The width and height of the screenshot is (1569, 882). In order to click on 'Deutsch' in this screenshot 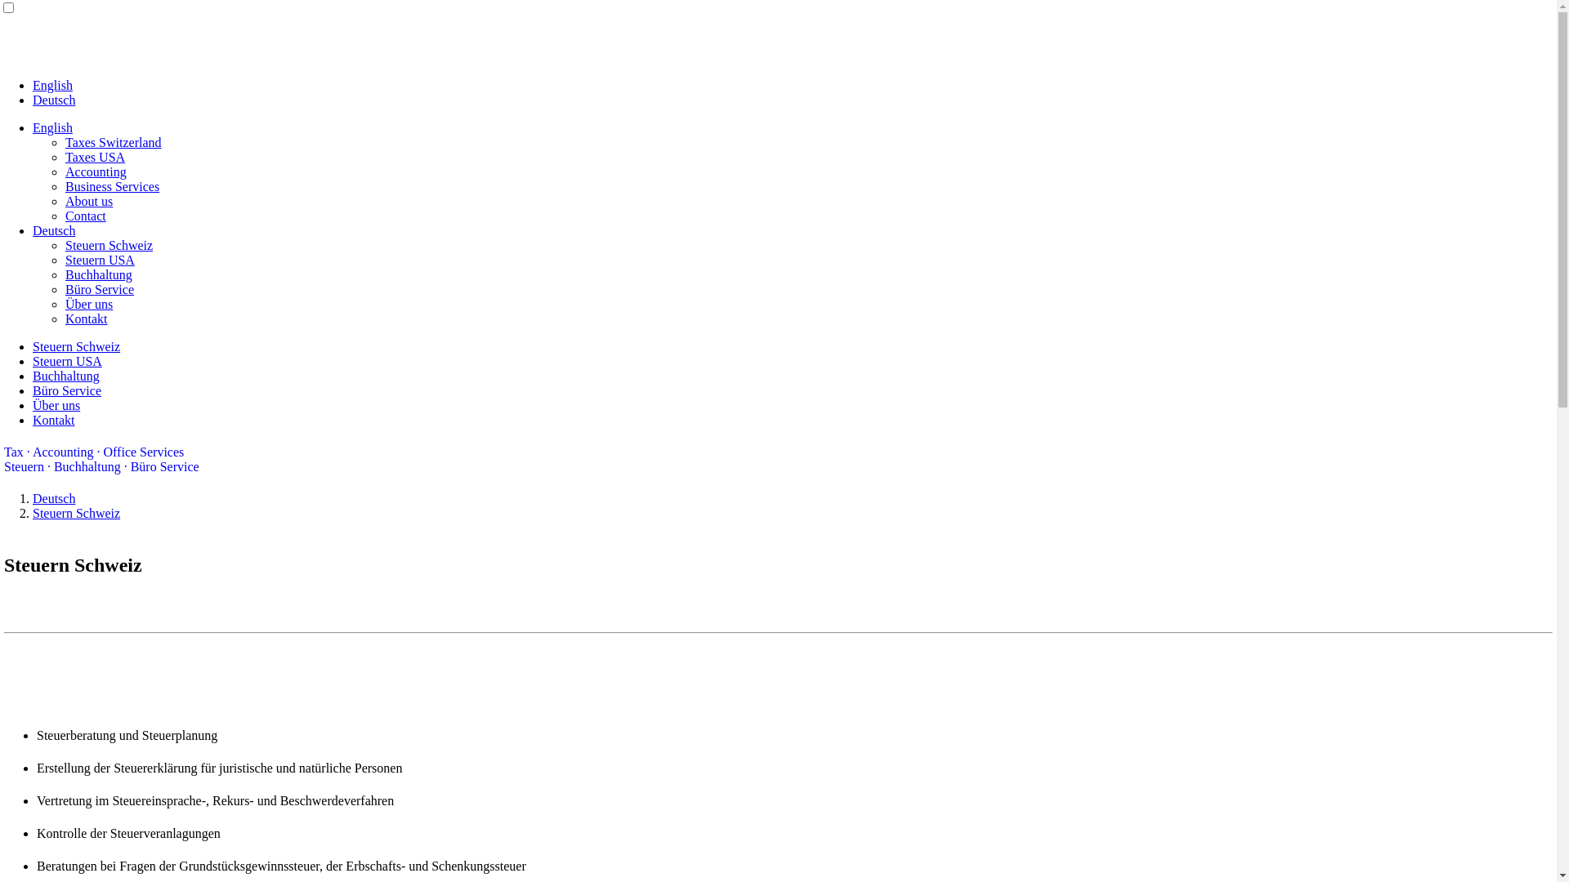, I will do `click(54, 230)`.